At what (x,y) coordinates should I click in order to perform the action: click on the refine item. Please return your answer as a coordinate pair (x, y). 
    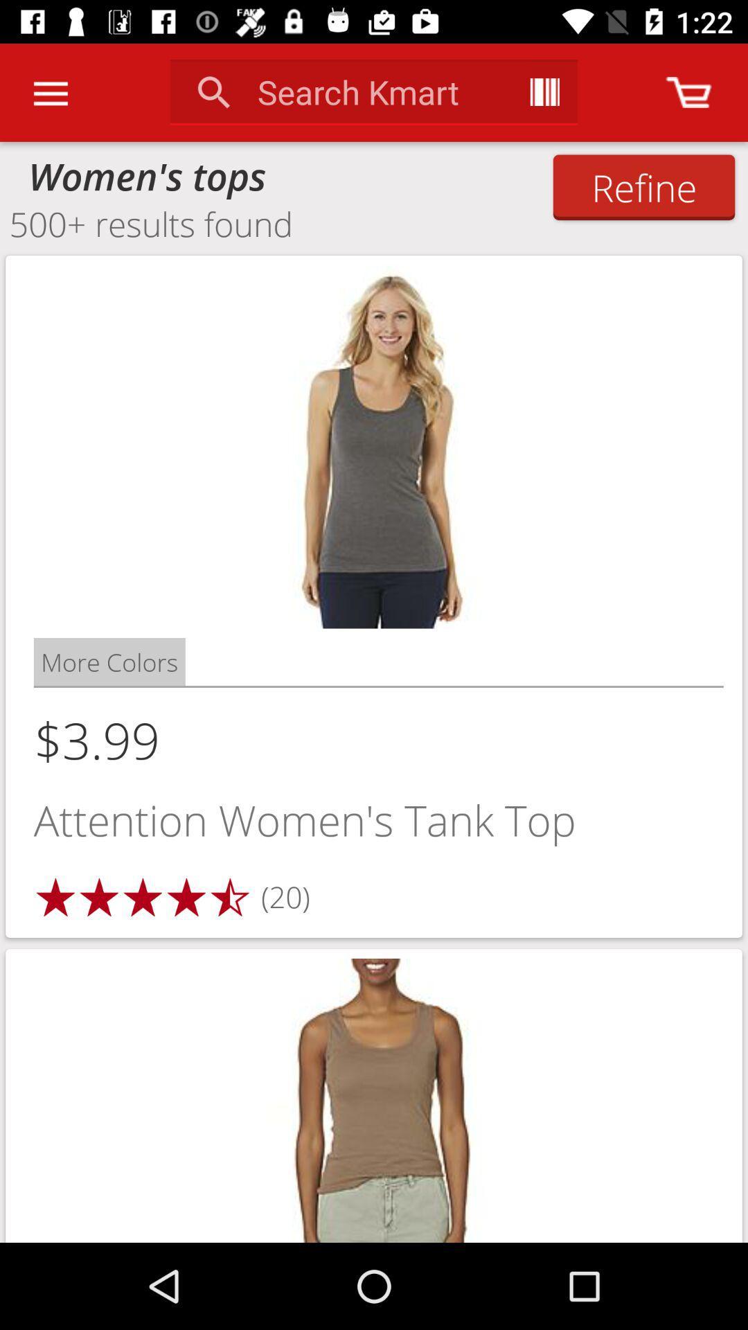
    Looking at the image, I should click on (643, 186).